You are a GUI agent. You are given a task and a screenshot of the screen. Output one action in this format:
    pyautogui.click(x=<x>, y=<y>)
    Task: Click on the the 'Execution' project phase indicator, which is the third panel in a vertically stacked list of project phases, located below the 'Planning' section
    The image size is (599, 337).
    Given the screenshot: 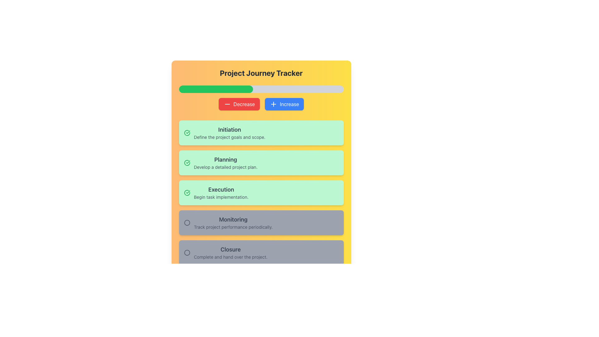 What is the action you would take?
    pyautogui.click(x=221, y=192)
    